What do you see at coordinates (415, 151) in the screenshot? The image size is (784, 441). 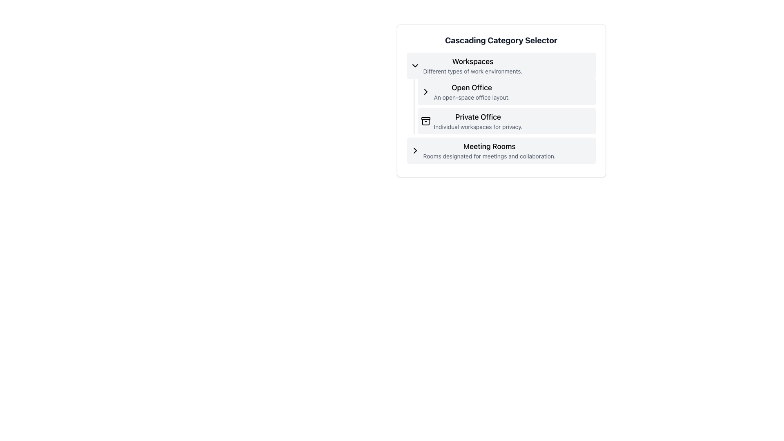 I see `the icon button located to the far left of the 'Meeting Rooms' text` at bounding box center [415, 151].